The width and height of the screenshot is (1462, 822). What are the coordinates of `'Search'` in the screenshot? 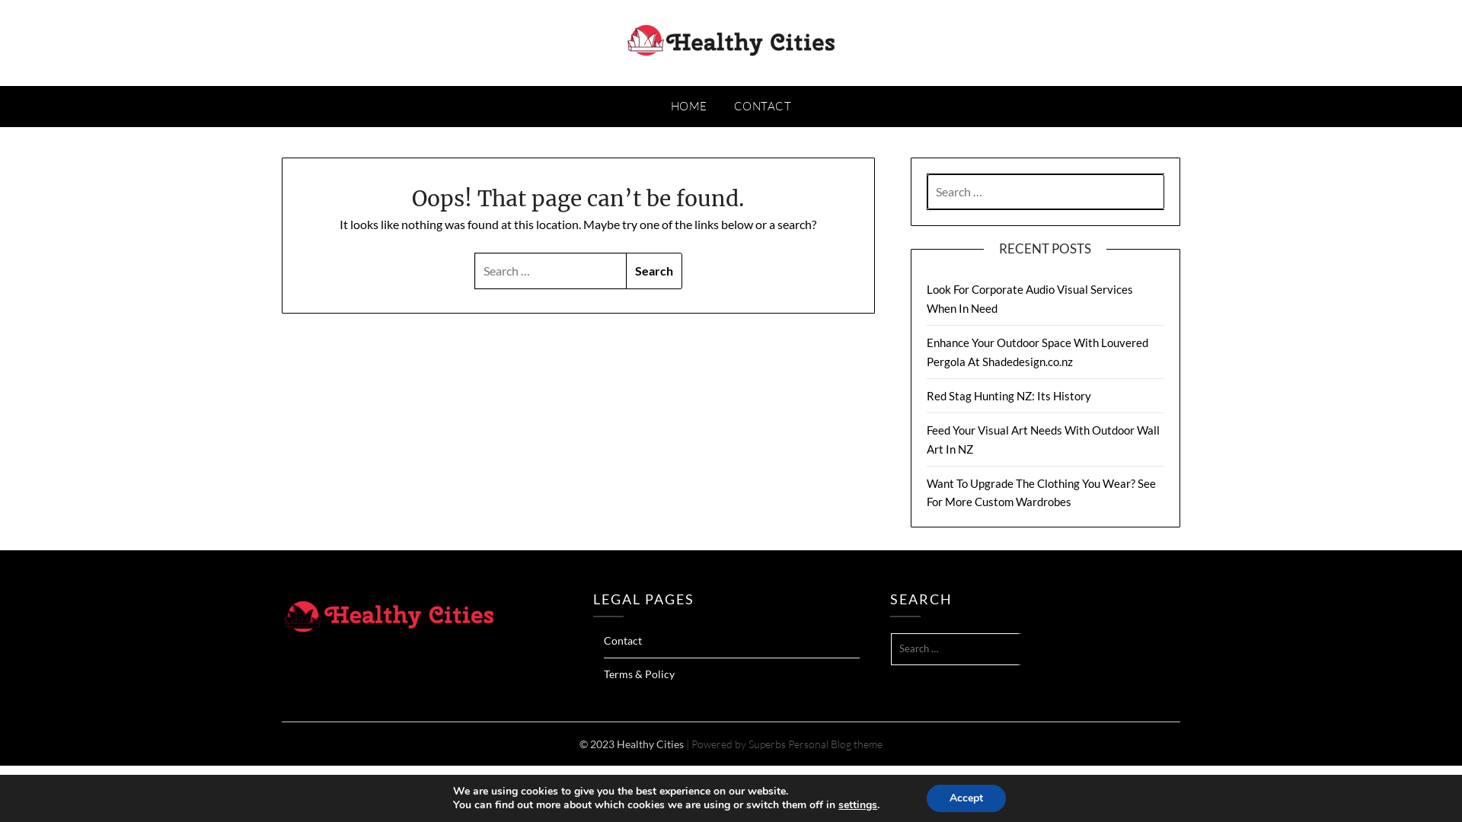 It's located at (654, 269).